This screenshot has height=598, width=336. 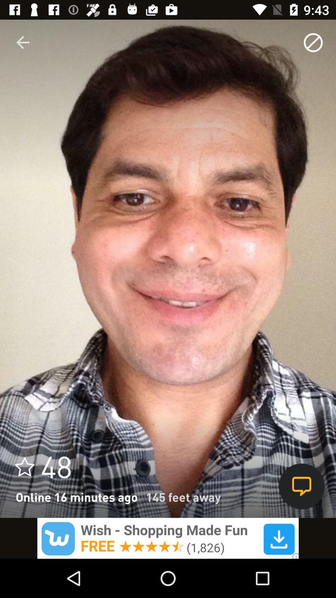 I want to click on the chat icon, so click(x=301, y=486).